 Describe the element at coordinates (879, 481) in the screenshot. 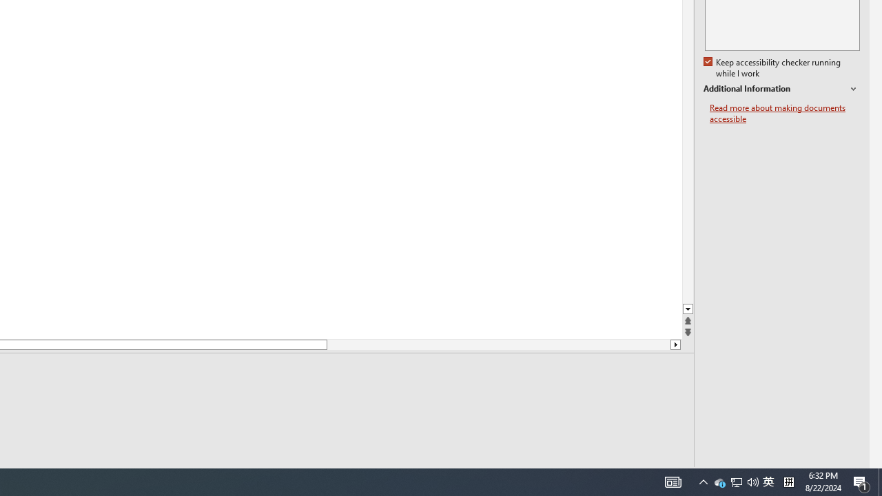

I see `'Show desktop'` at that location.